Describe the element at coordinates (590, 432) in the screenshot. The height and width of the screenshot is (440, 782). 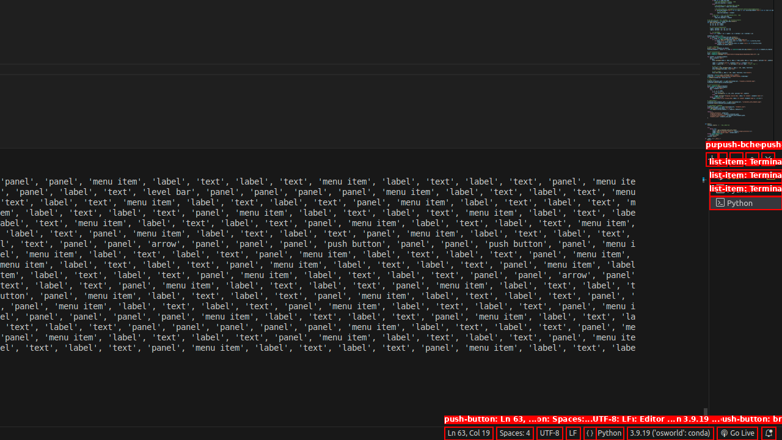
I see `'Editor Language Status: Auto Import Completions: false, next: Type Checking: off'` at that location.